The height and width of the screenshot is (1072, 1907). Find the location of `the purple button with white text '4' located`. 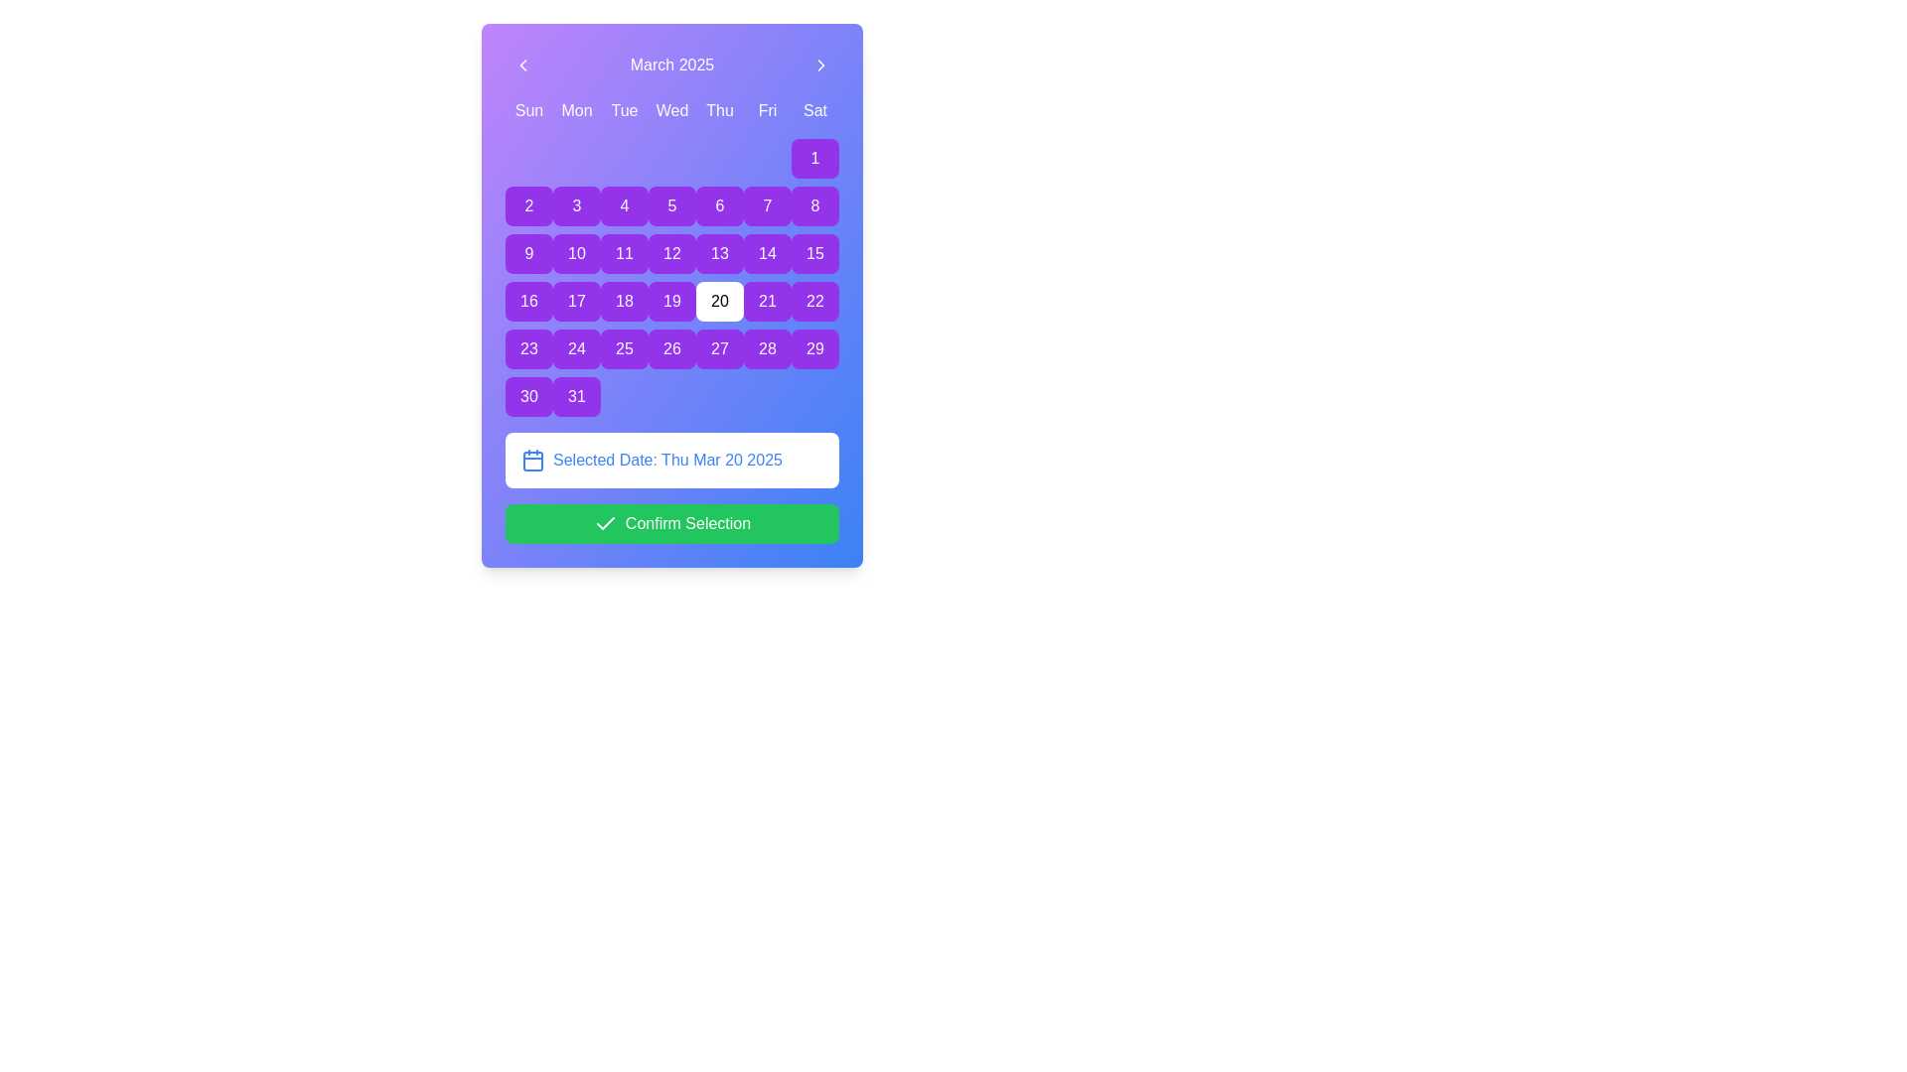

the purple button with white text '4' located is located at coordinates (623, 206).